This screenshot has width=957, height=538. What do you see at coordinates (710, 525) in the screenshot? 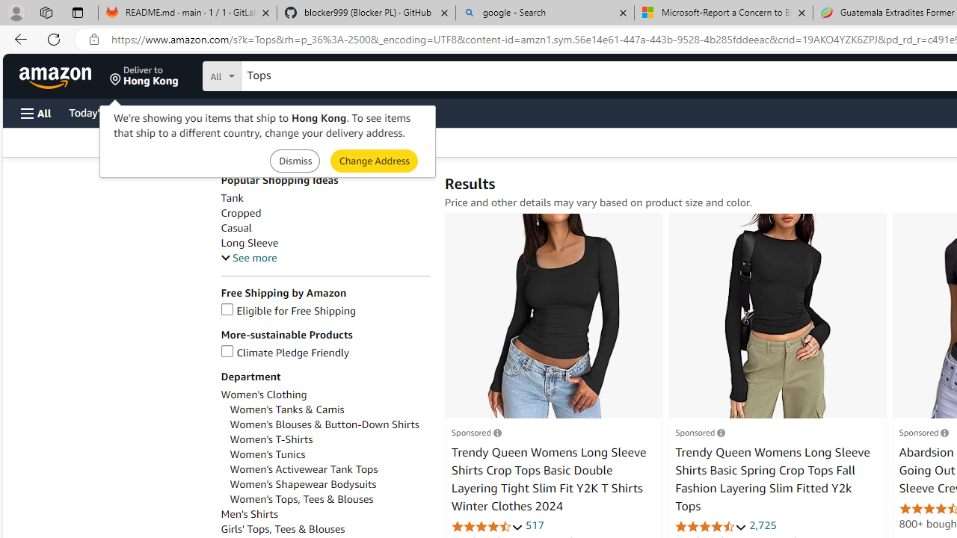
I see `'4.4 out of 5 stars'` at bounding box center [710, 525].